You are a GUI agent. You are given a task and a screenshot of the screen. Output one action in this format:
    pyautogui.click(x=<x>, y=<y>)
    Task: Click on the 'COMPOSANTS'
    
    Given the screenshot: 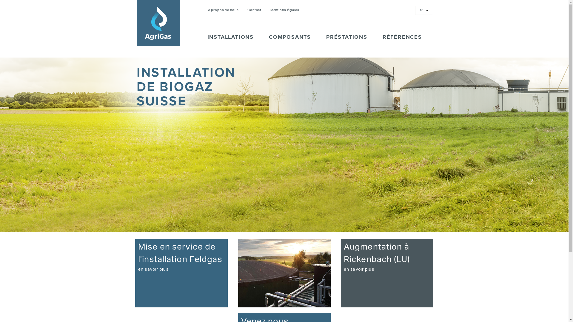 What is the action you would take?
    pyautogui.click(x=289, y=40)
    